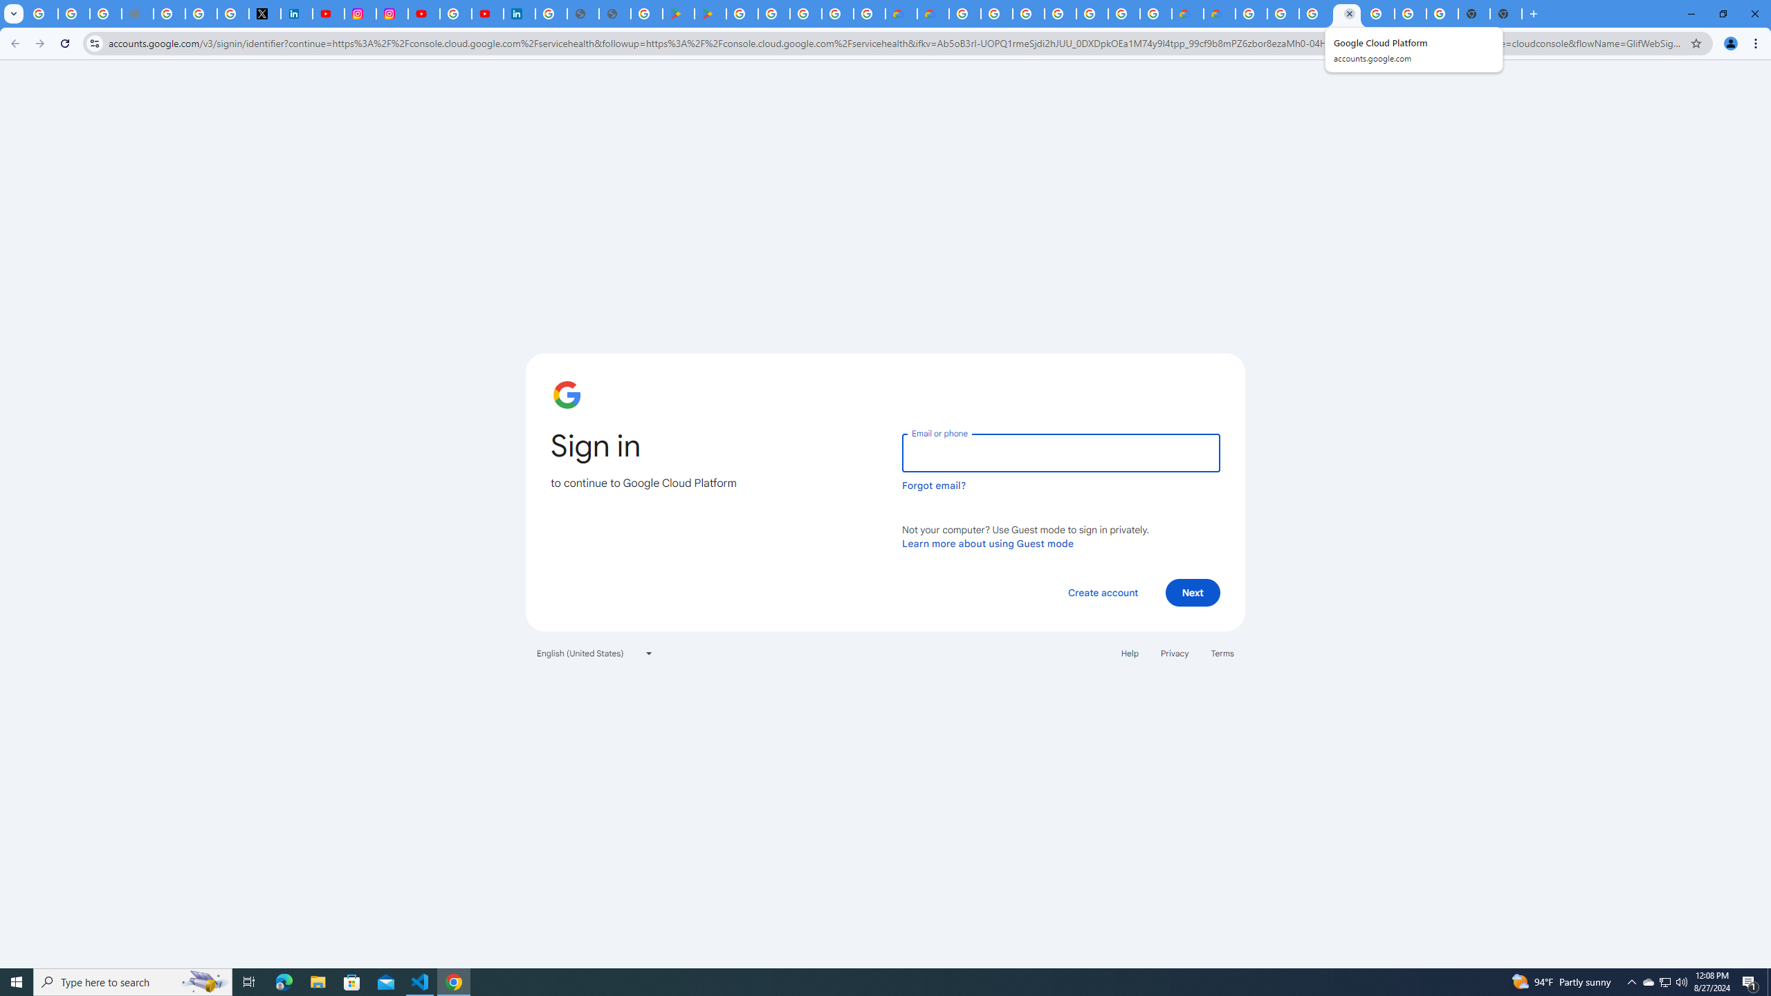 The height and width of the screenshot is (996, 1771). Describe the element at coordinates (838, 13) in the screenshot. I see `'Google Workspace - Specific Terms'` at that location.